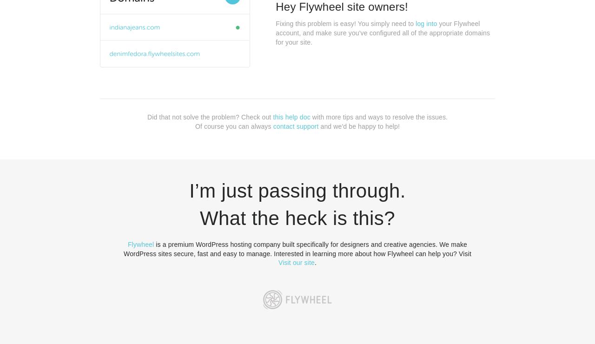 The width and height of the screenshot is (595, 344). I want to click on '.', so click(315, 262).